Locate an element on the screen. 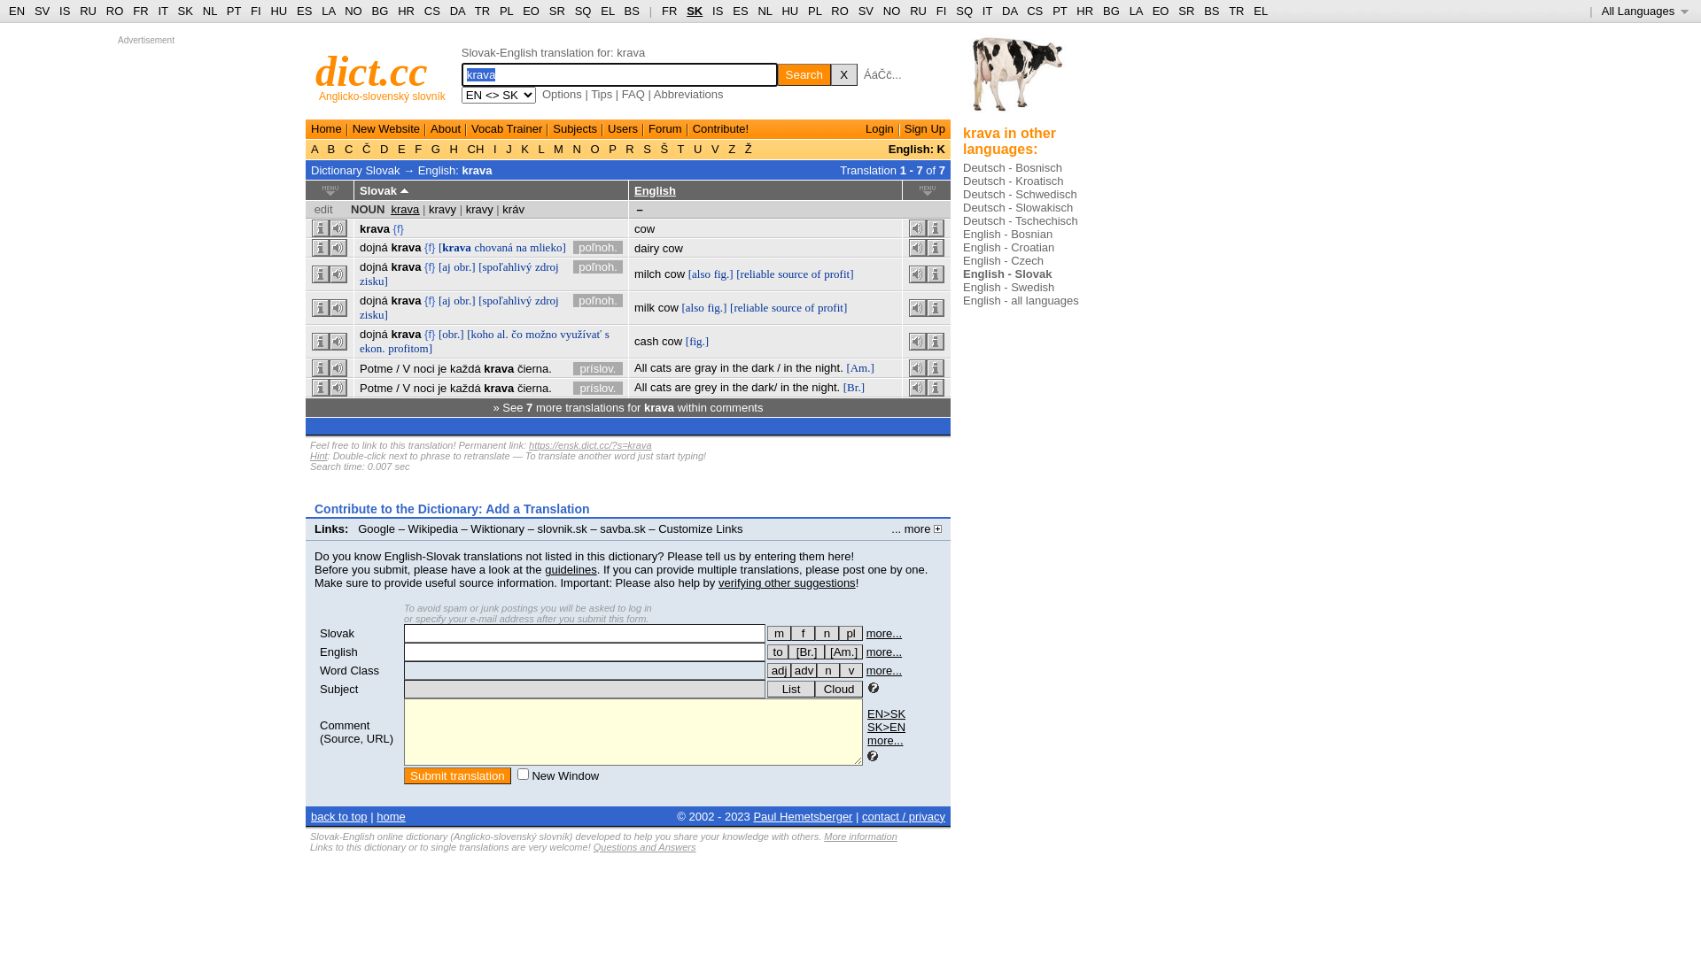  'English: K' is located at coordinates (917, 148).